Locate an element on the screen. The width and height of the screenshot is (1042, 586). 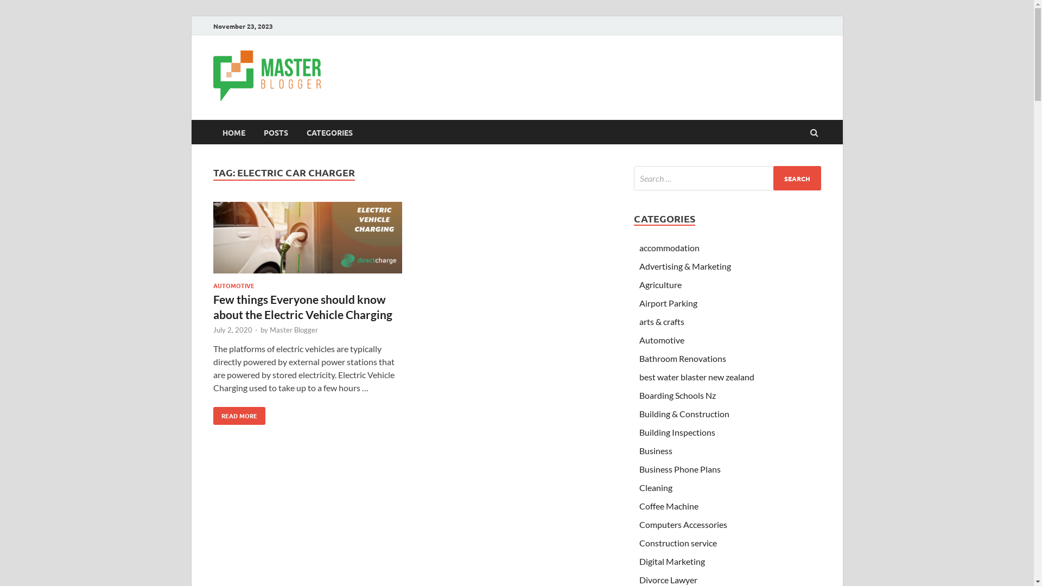
'POSTS' is located at coordinates (275, 131).